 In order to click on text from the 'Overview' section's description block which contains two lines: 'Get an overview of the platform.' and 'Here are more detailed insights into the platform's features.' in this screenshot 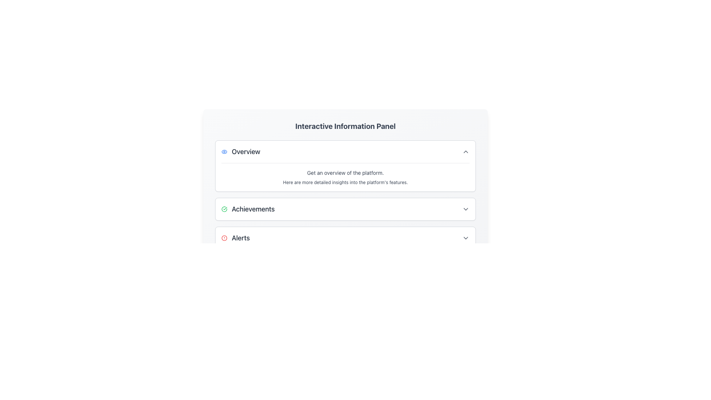, I will do `click(345, 174)`.